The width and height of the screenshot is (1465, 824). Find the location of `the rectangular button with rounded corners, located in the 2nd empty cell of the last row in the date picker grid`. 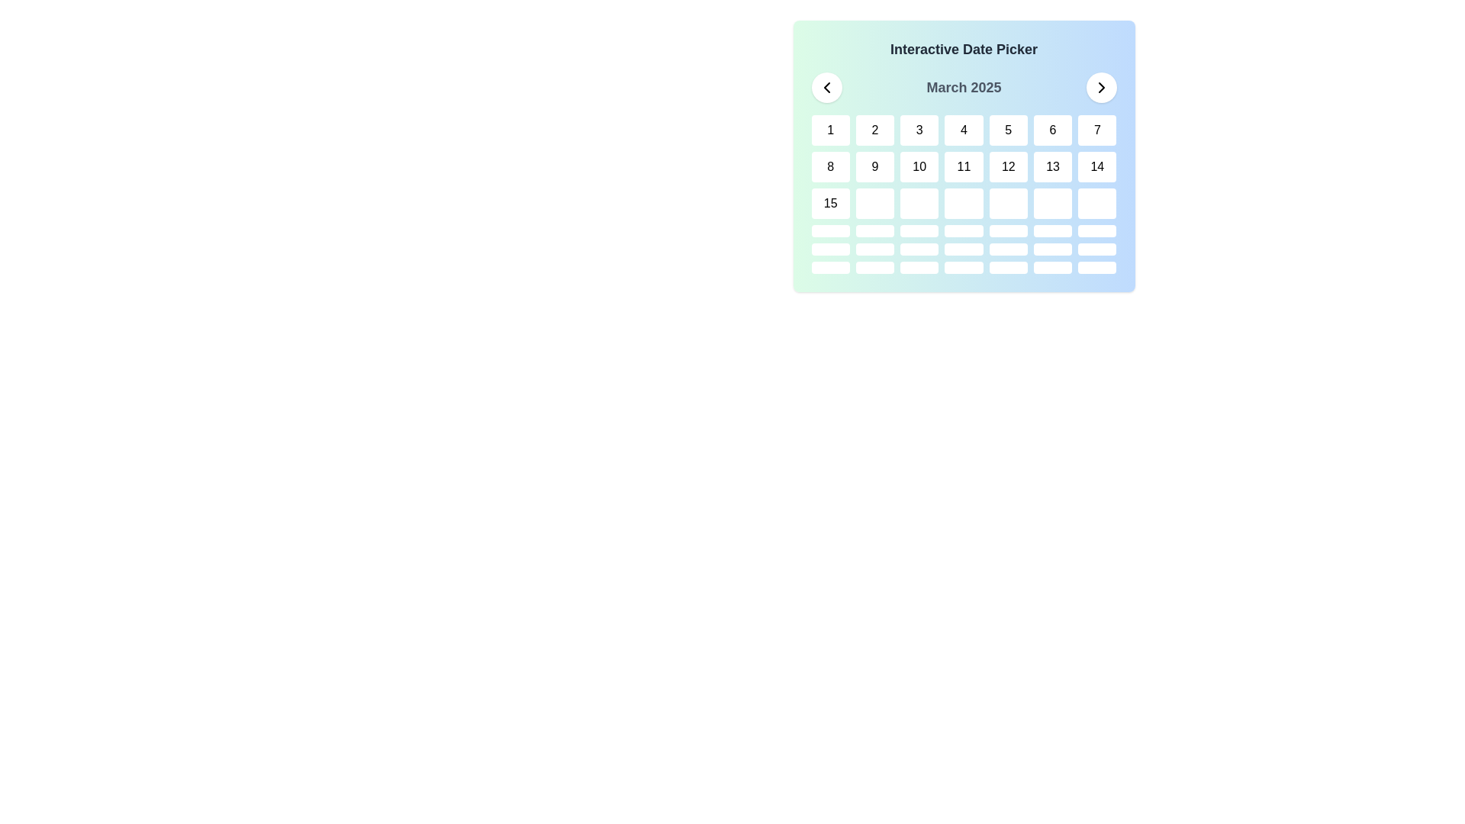

the rectangular button with rounded corners, located in the 2nd empty cell of the last row in the date picker grid is located at coordinates (875, 267).